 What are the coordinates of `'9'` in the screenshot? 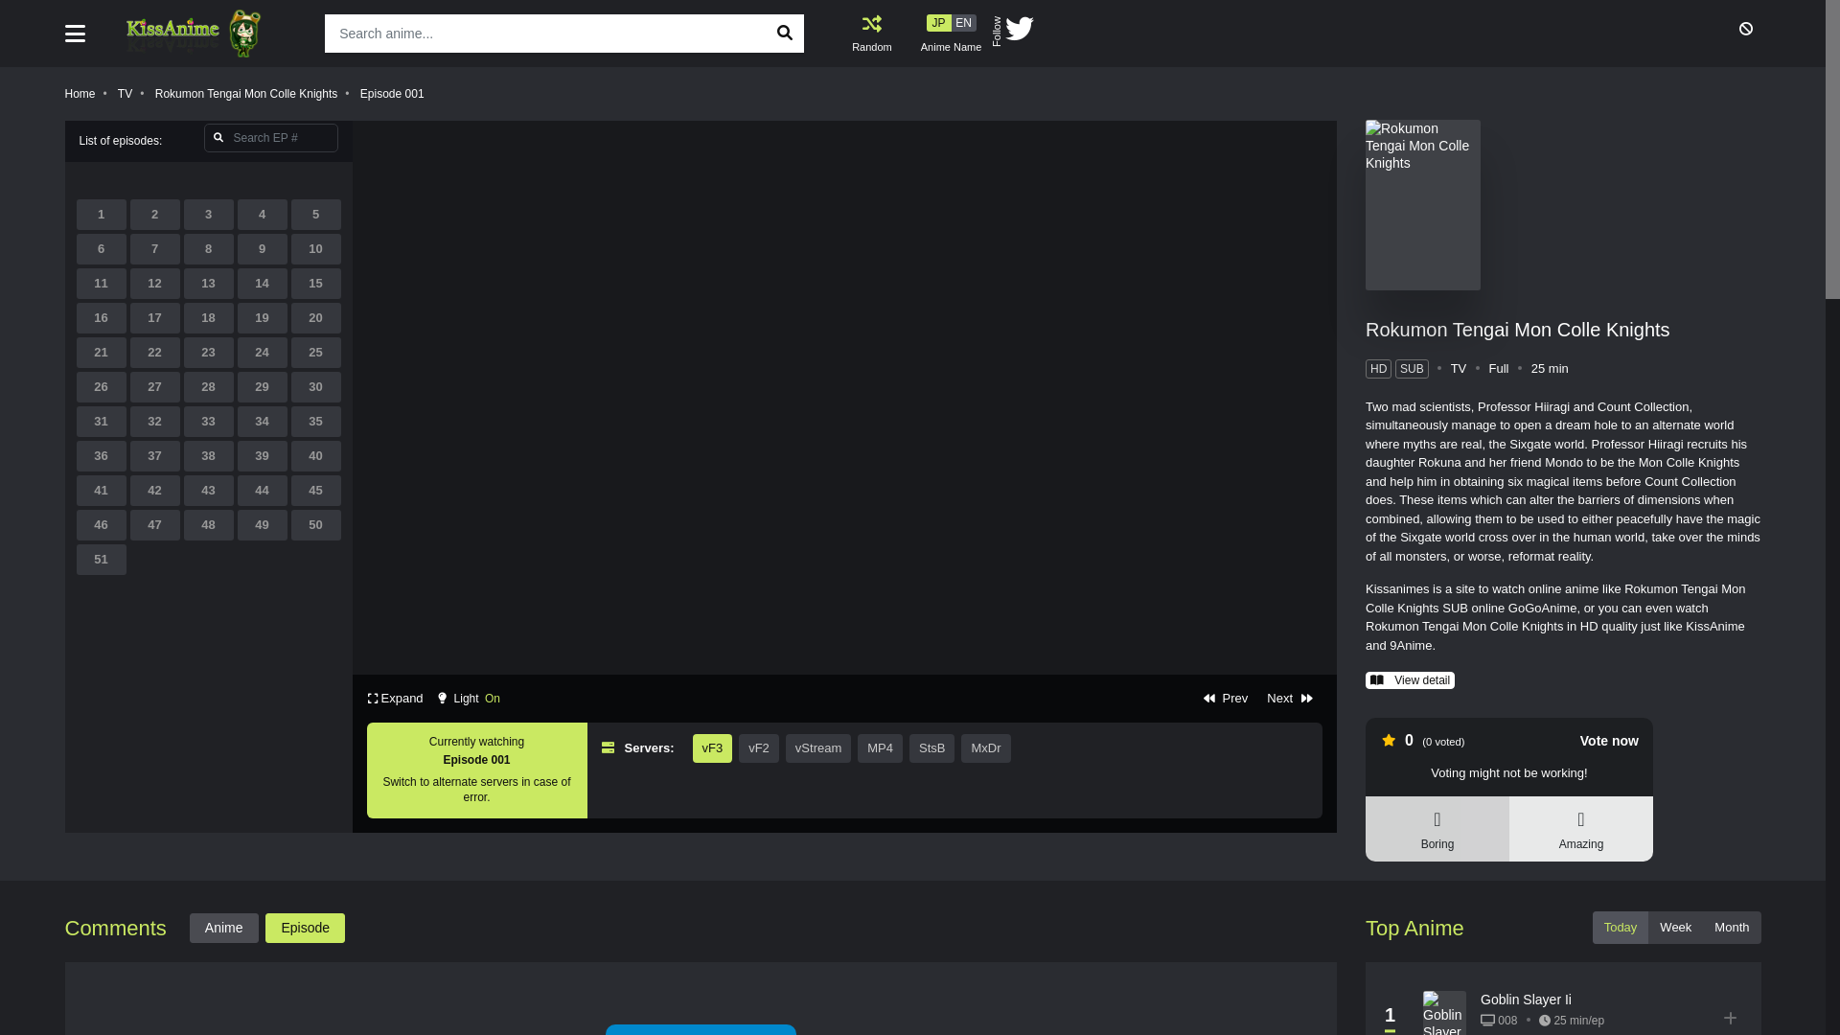 It's located at (237, 247).